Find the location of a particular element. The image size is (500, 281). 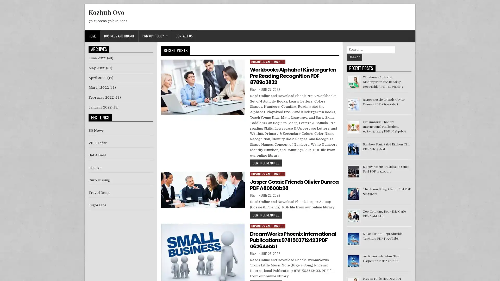

Search is located at coordinates (354, 57).